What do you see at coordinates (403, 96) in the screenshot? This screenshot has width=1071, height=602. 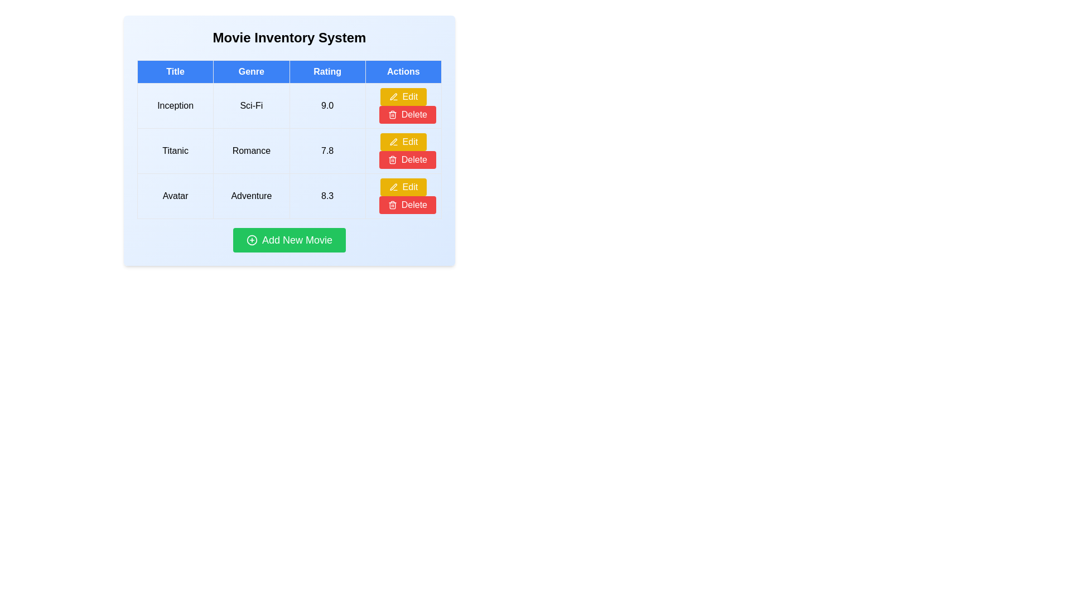 I see `the 'Edit' button for the 'Inception' movie entry in the Actions column to change its shade` at bounding box center [403, 96].